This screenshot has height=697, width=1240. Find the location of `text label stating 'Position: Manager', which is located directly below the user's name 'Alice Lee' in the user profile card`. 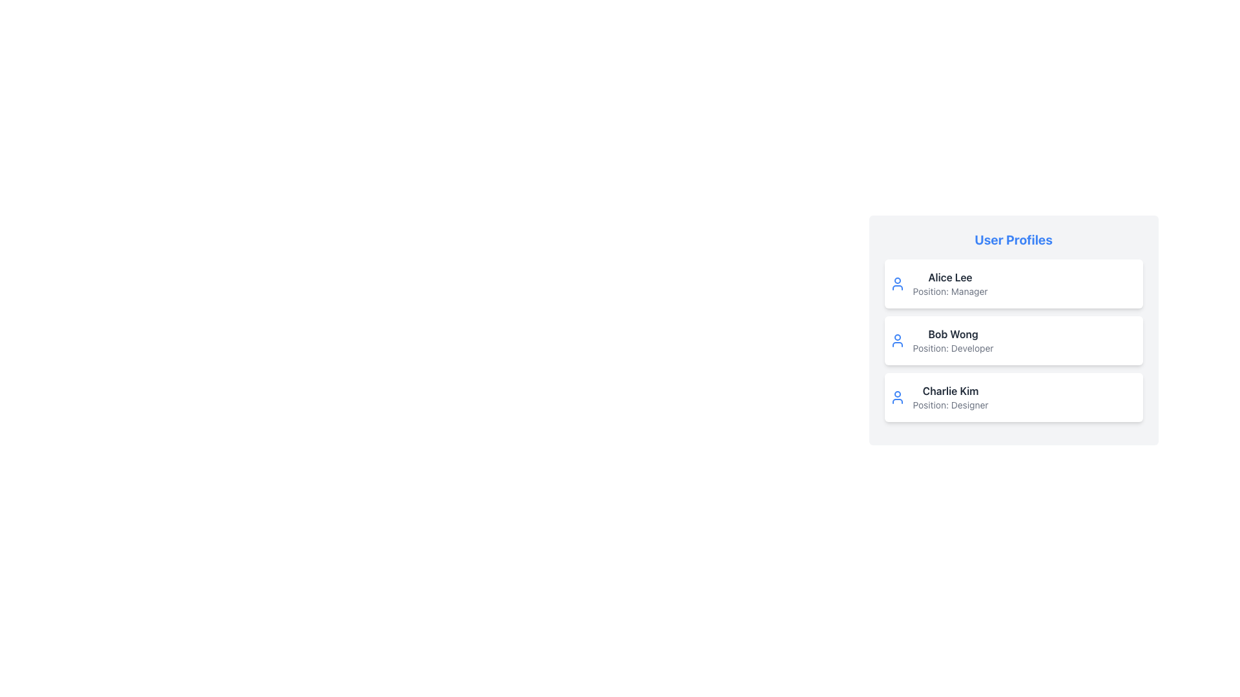

text label stating 'Position: Manager', which is located directly below the user's name 'Alice Lee' in the user profile card is located at coordinates (950, 291).